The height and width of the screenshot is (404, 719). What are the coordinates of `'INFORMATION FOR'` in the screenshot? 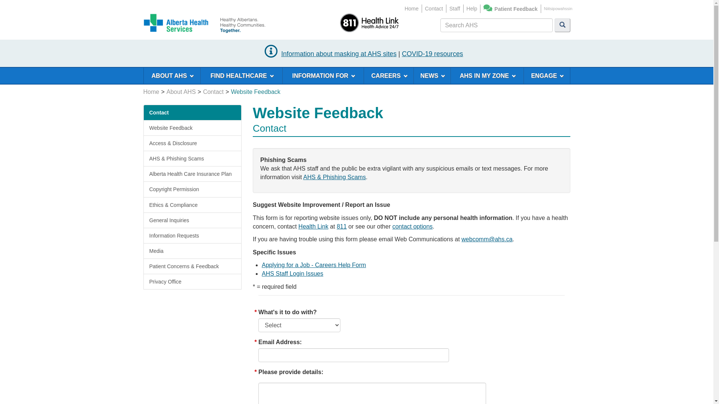 It's located at (282, 76).